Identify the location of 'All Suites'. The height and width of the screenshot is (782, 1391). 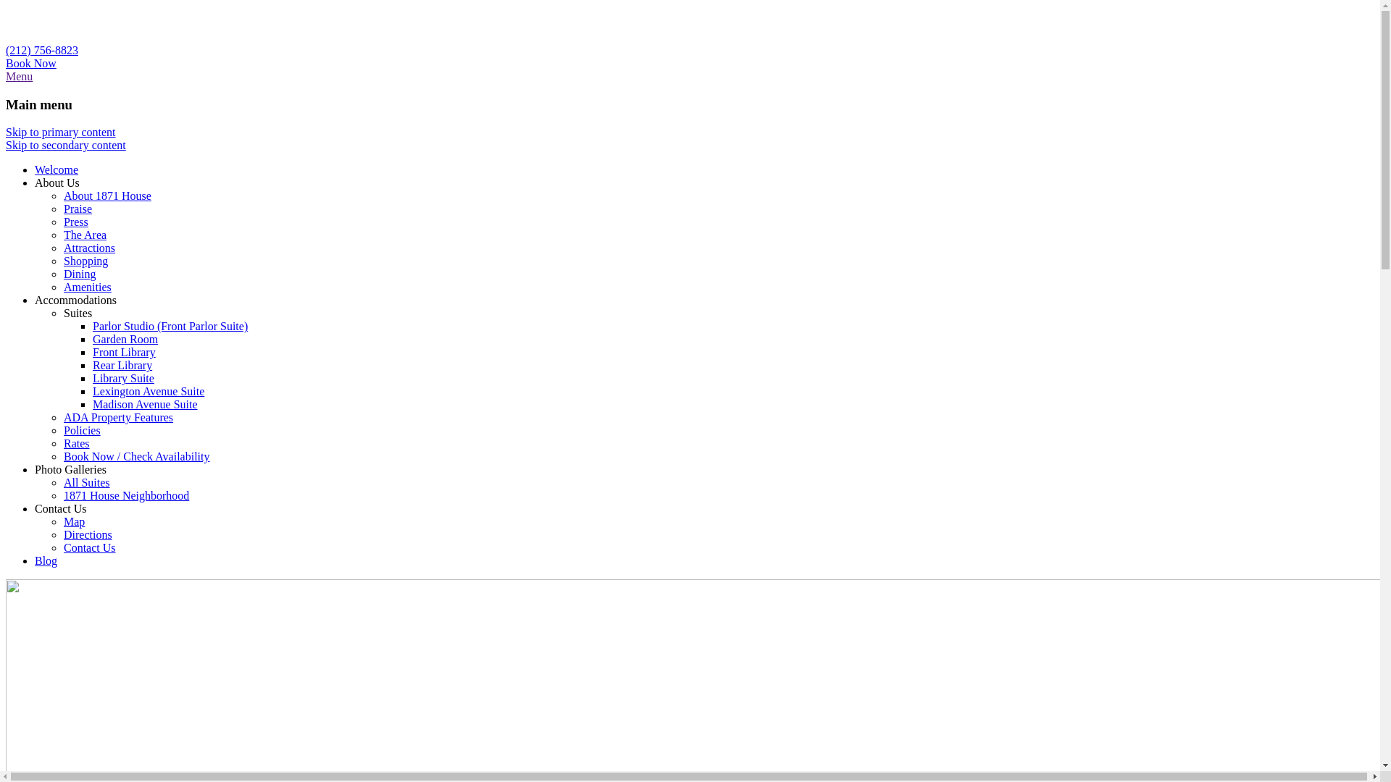
(86, 482).